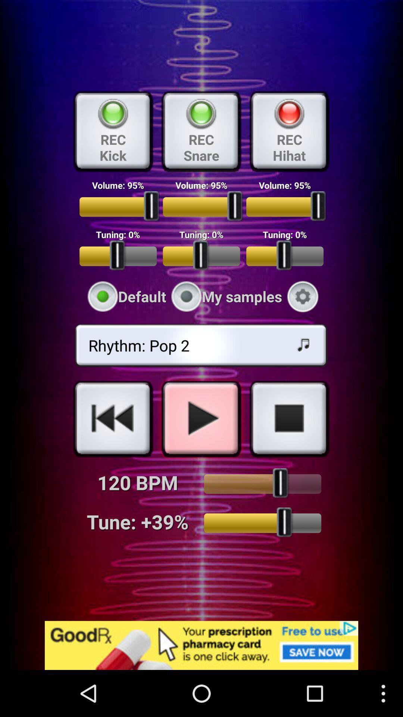 The width and height of the screenshot is (403, 717). Describe the element at coordinates (262, 484) in the screenshot. I see `up button` at that location.